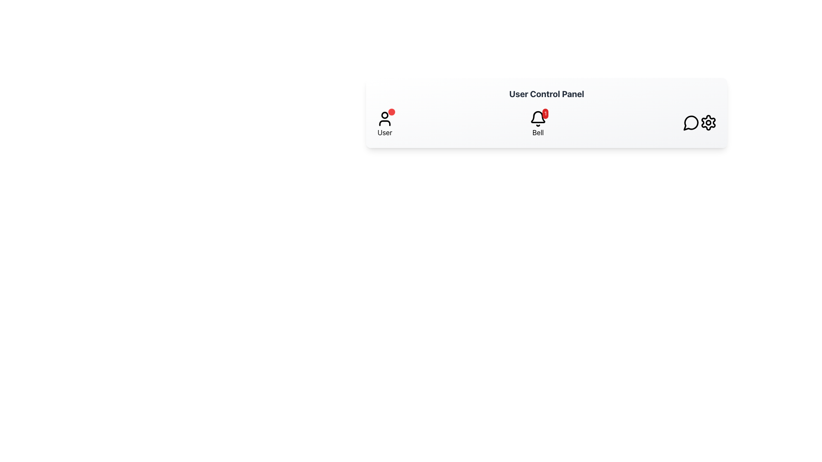 This screenshot has width=822, height=462. I want to click on the settings icon, which is a cogwheel shape located at the far right of the horizontal navigation bar, adjacent to the speech bubble icon, so click(709, 122).